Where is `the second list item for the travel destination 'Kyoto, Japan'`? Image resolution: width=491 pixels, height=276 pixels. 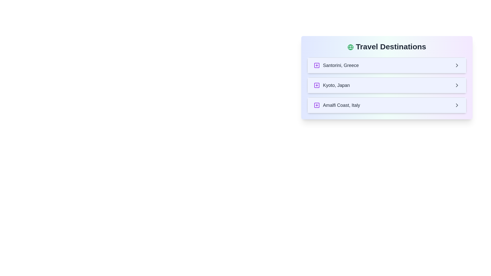 the second list item for the travel destination 'Kyoto, Japan' is located at coordinates (332, 85).